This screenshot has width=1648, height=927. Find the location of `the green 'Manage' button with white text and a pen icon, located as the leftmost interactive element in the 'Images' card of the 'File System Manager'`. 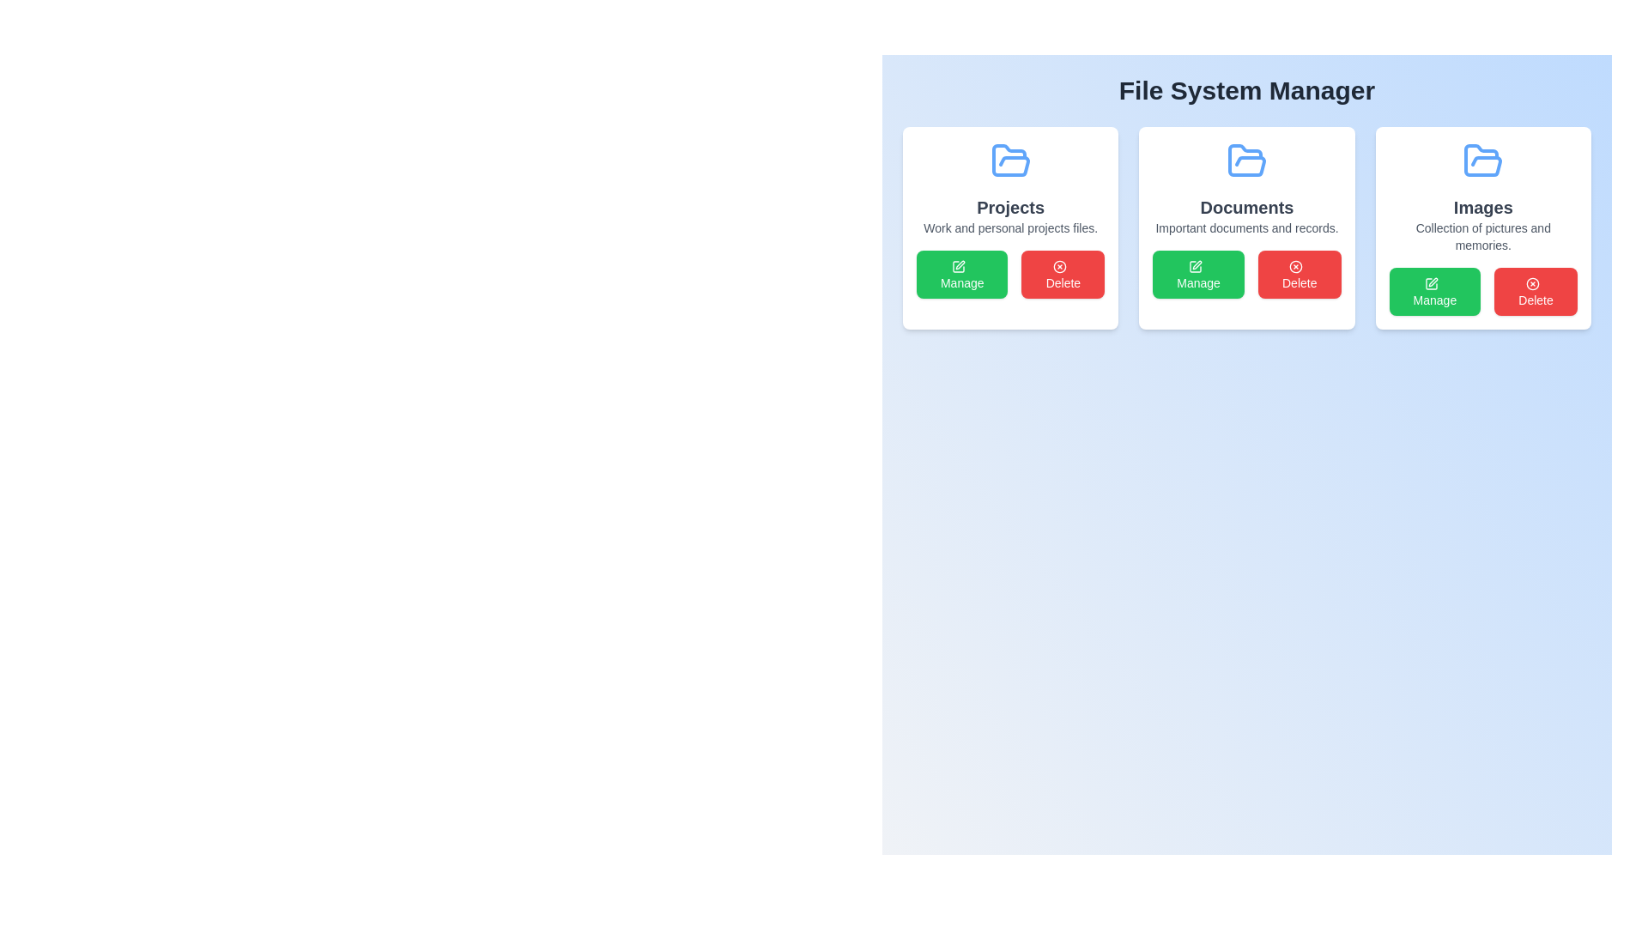

the green 'Manage' button with white text and a pen icon, located as the leftmost interactive element in the 'Images' card of the 'File System Manager' is located at coordinates (1434, 290).